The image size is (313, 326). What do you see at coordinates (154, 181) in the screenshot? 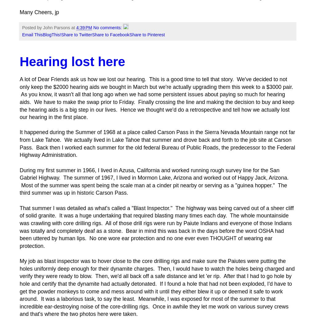
I see `'During my first summer in 1966, I lived in Azusa, California and worked running rough survey line for the San Gabriel Highway.  The summer of 1967, I lived in Mormon Lake, Arizona and worked out of Happy Jack, Arizona.  Most of the summer was spent being the scale man at a cinder pit nearby or serving as a "guinea hopper."  The third summer was up in historic Carson Pass.'` at bounding box center [154, 181].